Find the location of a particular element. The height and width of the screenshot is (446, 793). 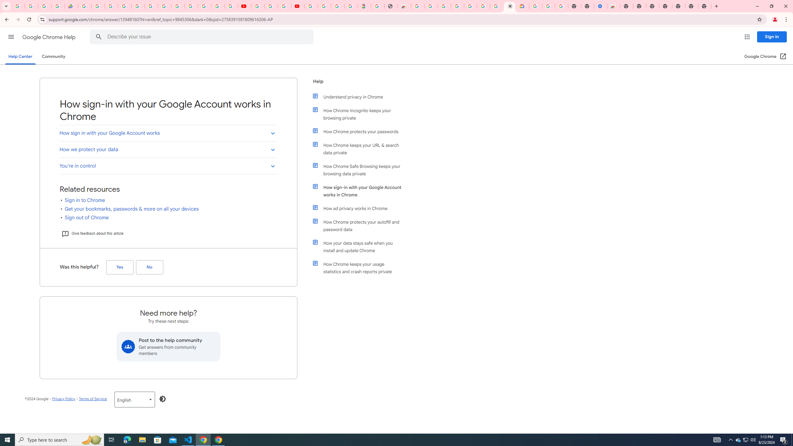

'Describe your issue' is located at coordinates (202, 37).